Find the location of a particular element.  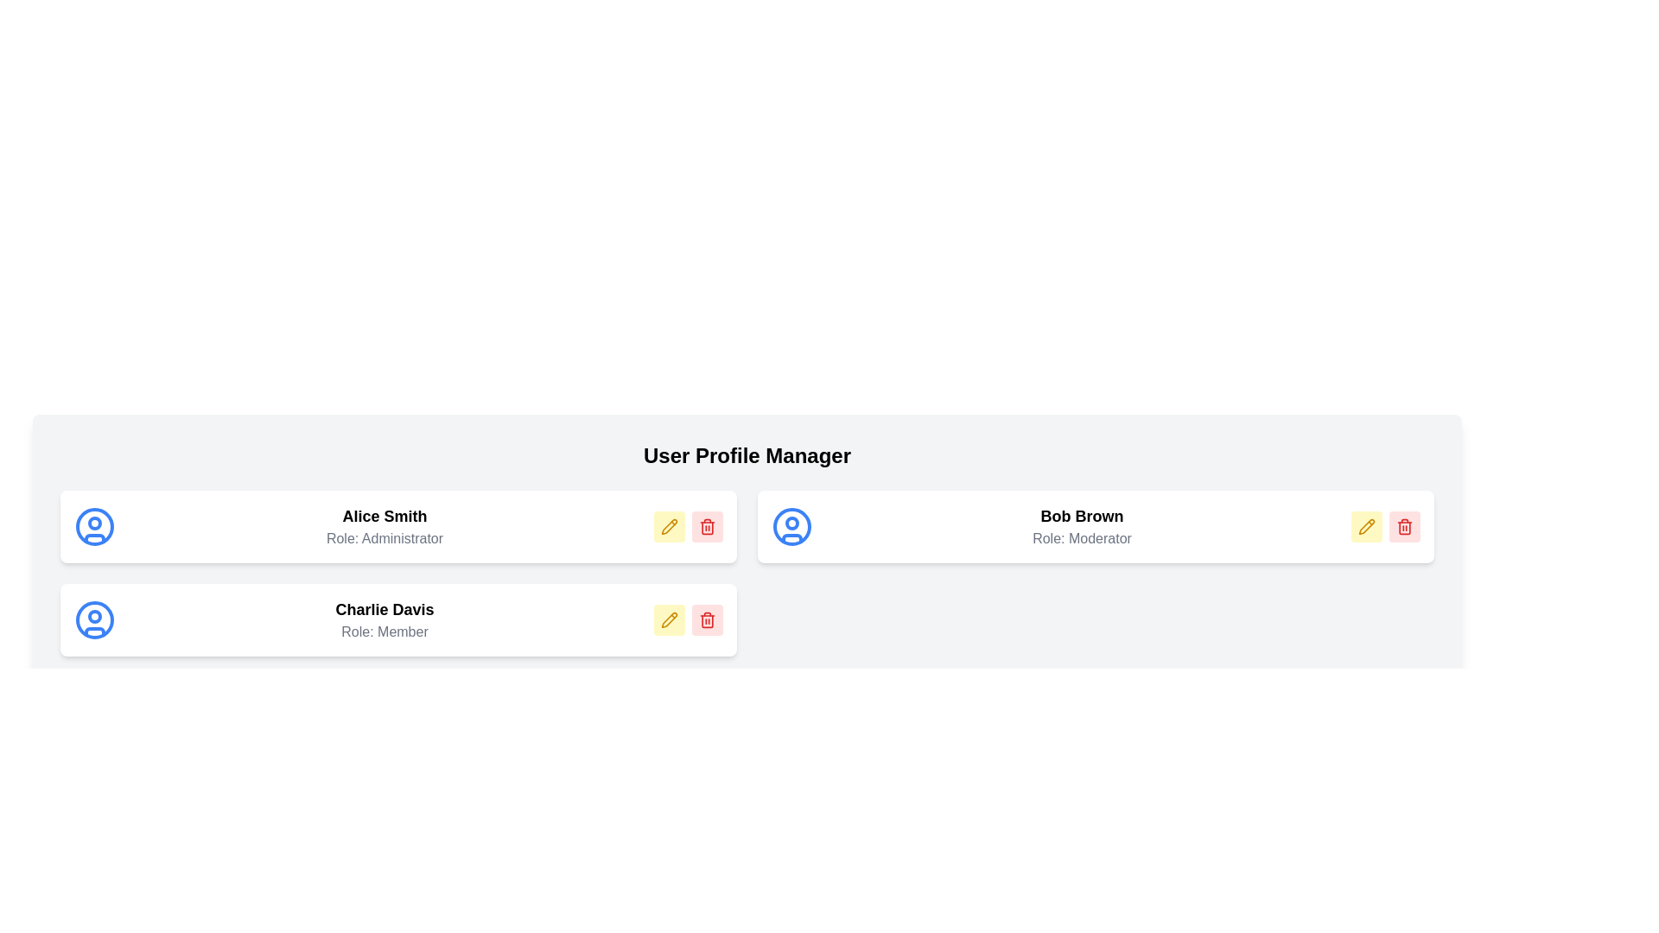

the small square button with rounded edges and a yellow background that has a pencil icon at its center is located at coordinates (1366, 525).